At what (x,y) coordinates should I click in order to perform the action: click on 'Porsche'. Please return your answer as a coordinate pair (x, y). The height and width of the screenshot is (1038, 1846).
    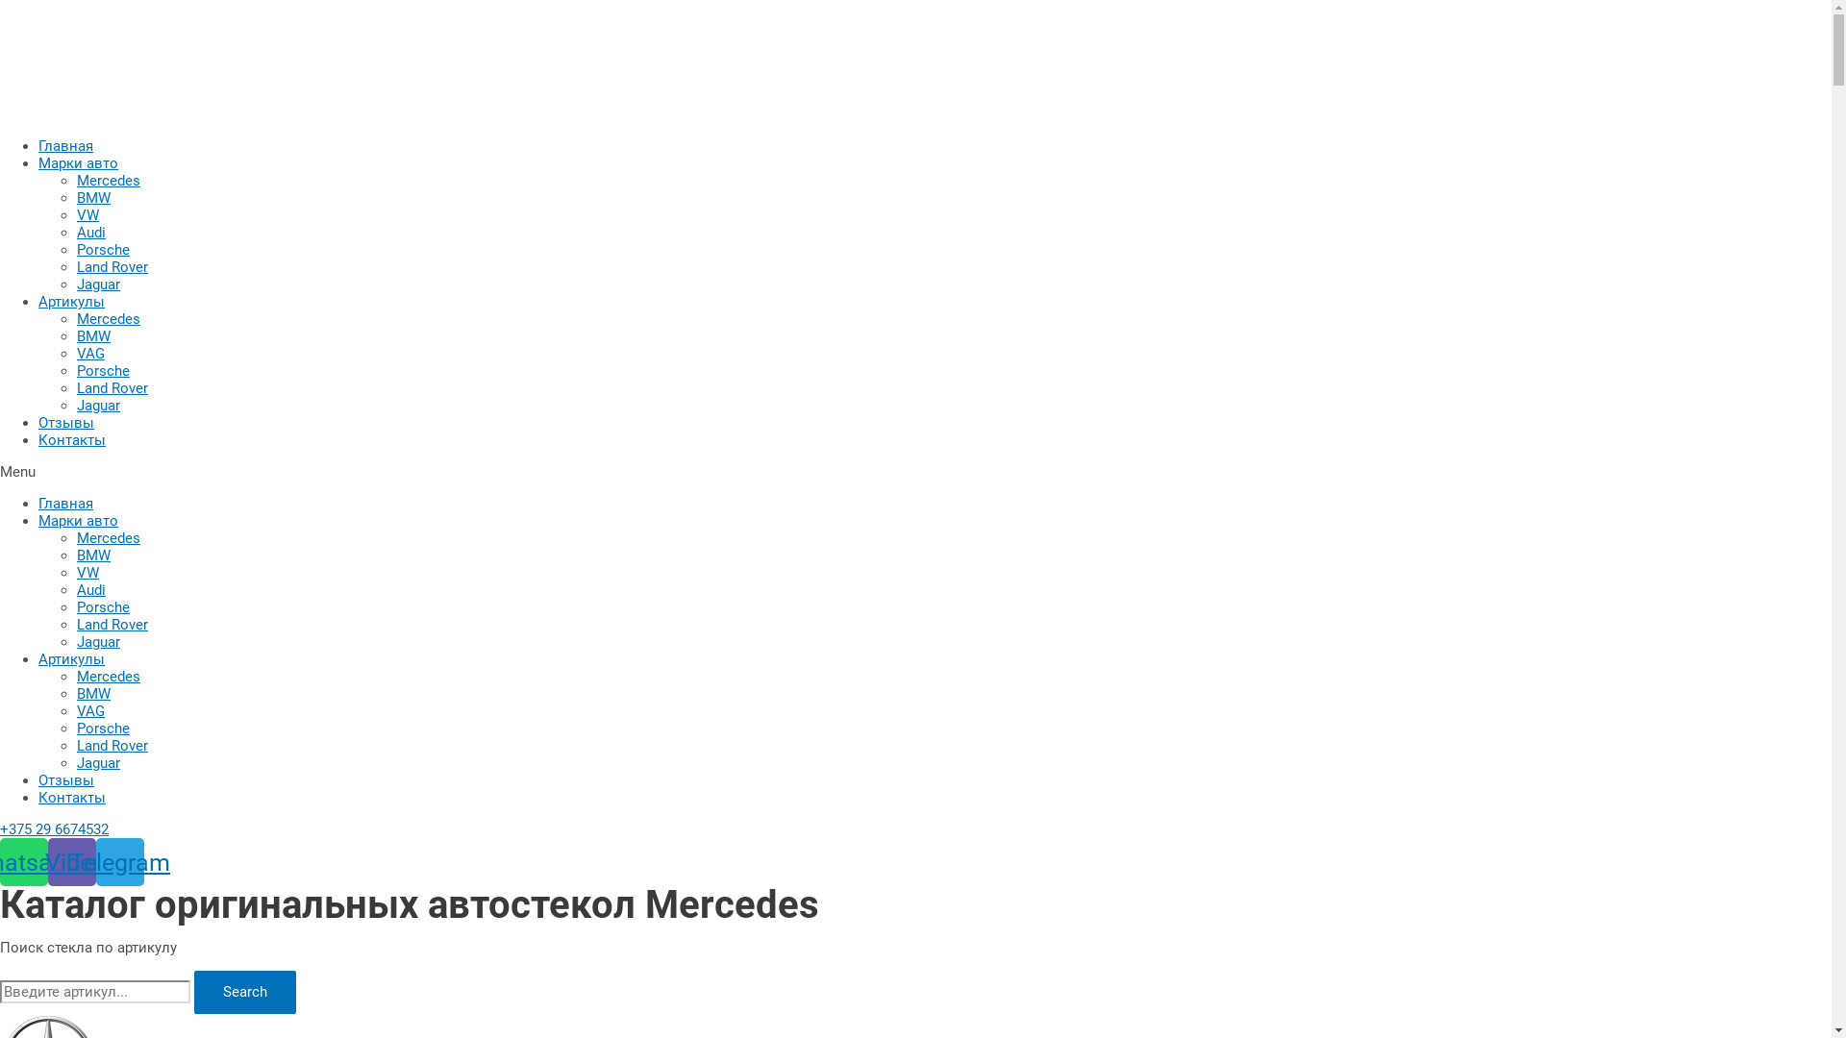
    Looking at the image, I should click on (102, 729).